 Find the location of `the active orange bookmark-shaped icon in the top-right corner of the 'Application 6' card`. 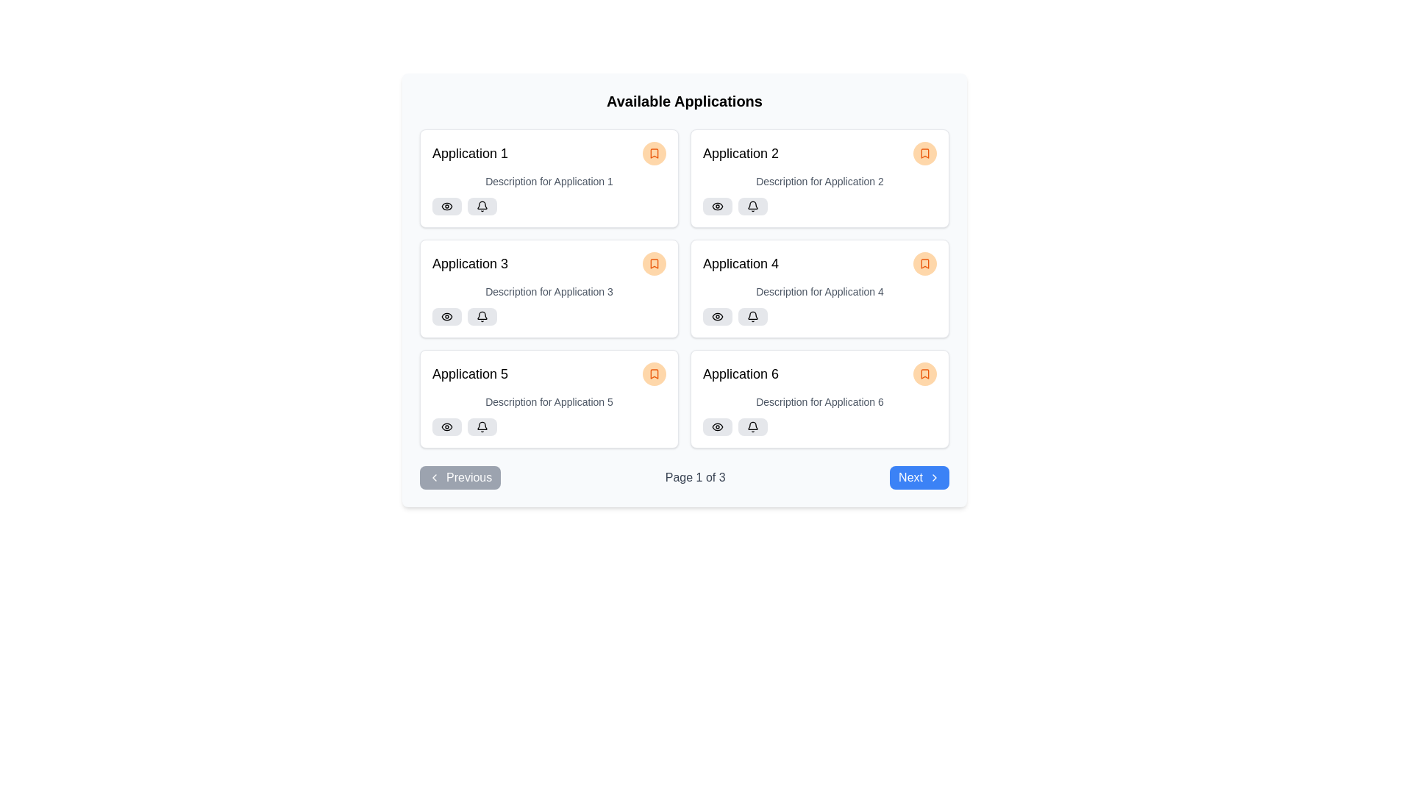

the active orange bookmark-shaped icon in the top-right corner of the 'Application 6' card is located at coordinates (924, 373).